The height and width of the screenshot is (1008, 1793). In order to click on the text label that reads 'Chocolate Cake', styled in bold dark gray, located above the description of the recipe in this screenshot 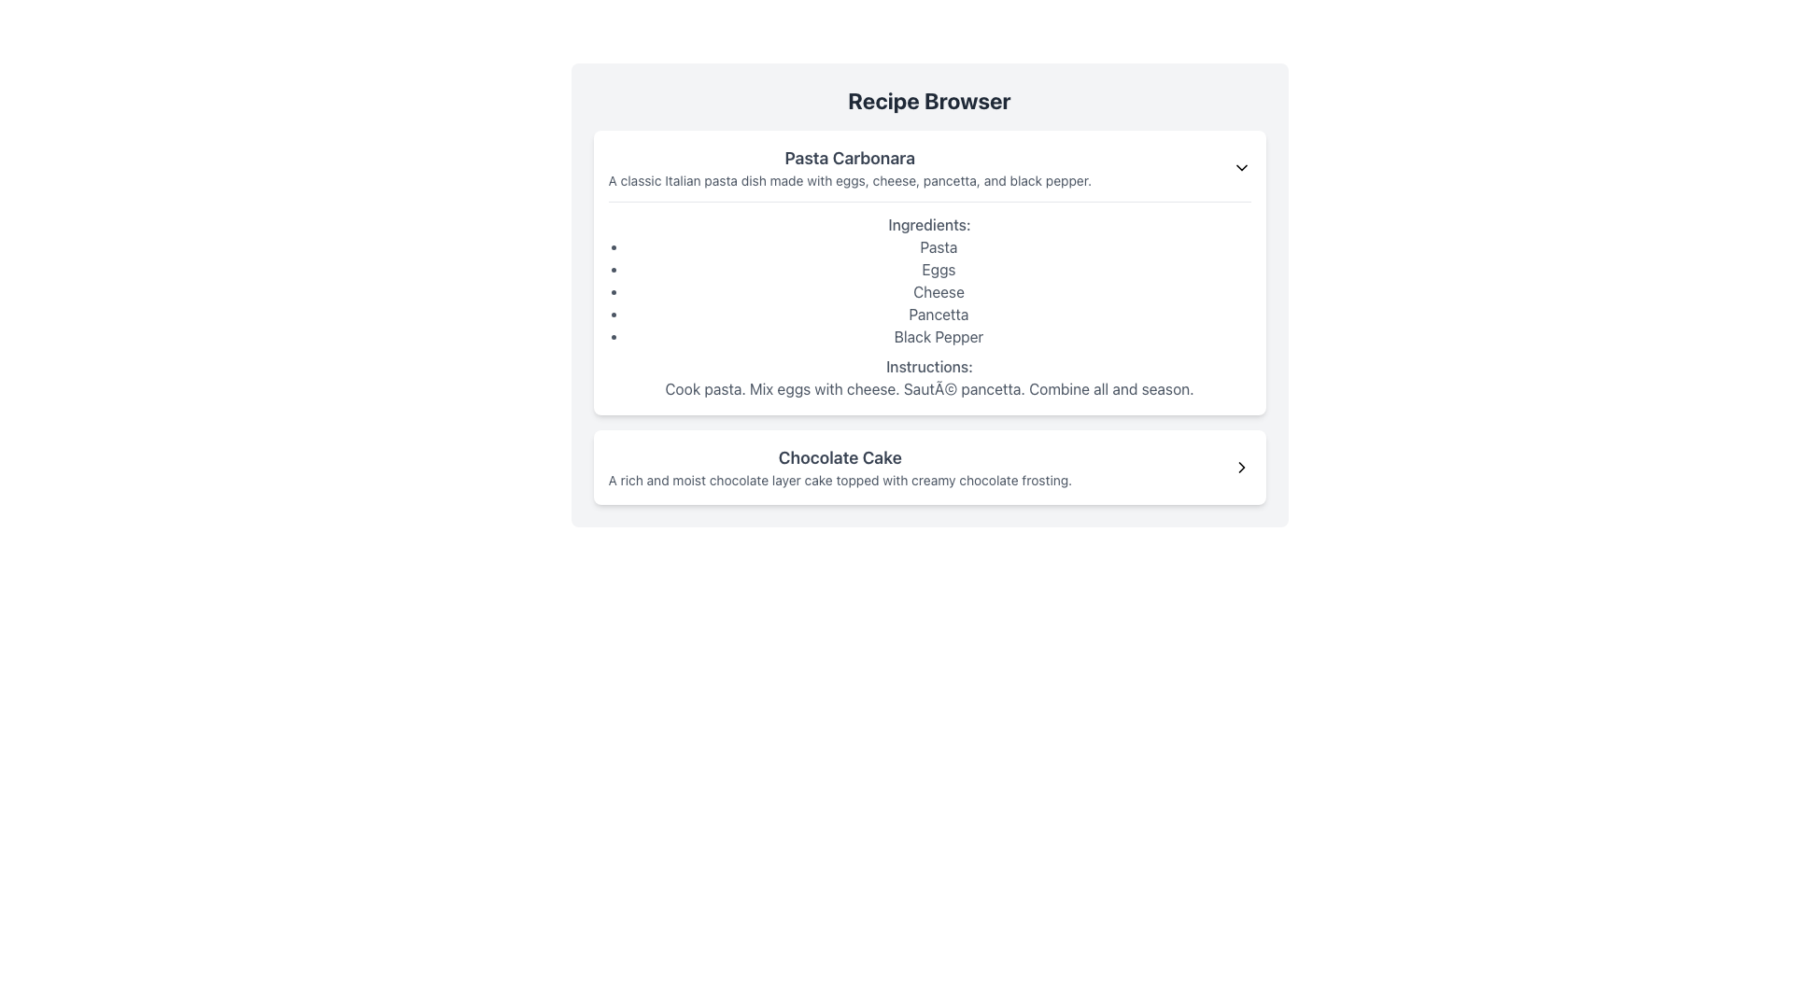, I will do `click(839, 457)`.